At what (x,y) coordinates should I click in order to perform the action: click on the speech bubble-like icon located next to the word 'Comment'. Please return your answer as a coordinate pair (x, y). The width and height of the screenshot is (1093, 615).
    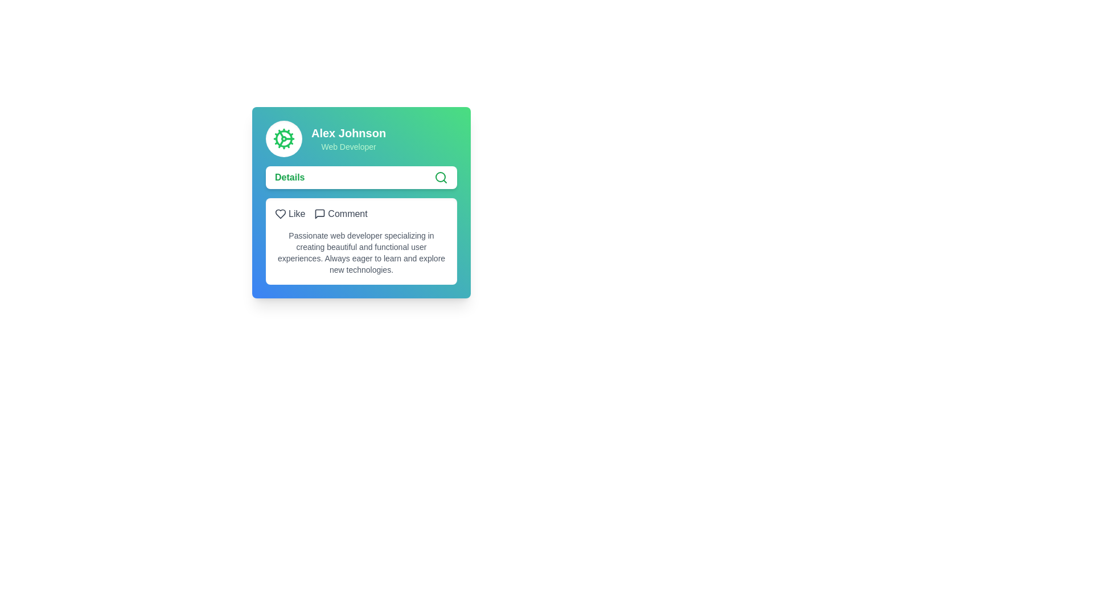
    Looking at the image, I should click on (319, 214).